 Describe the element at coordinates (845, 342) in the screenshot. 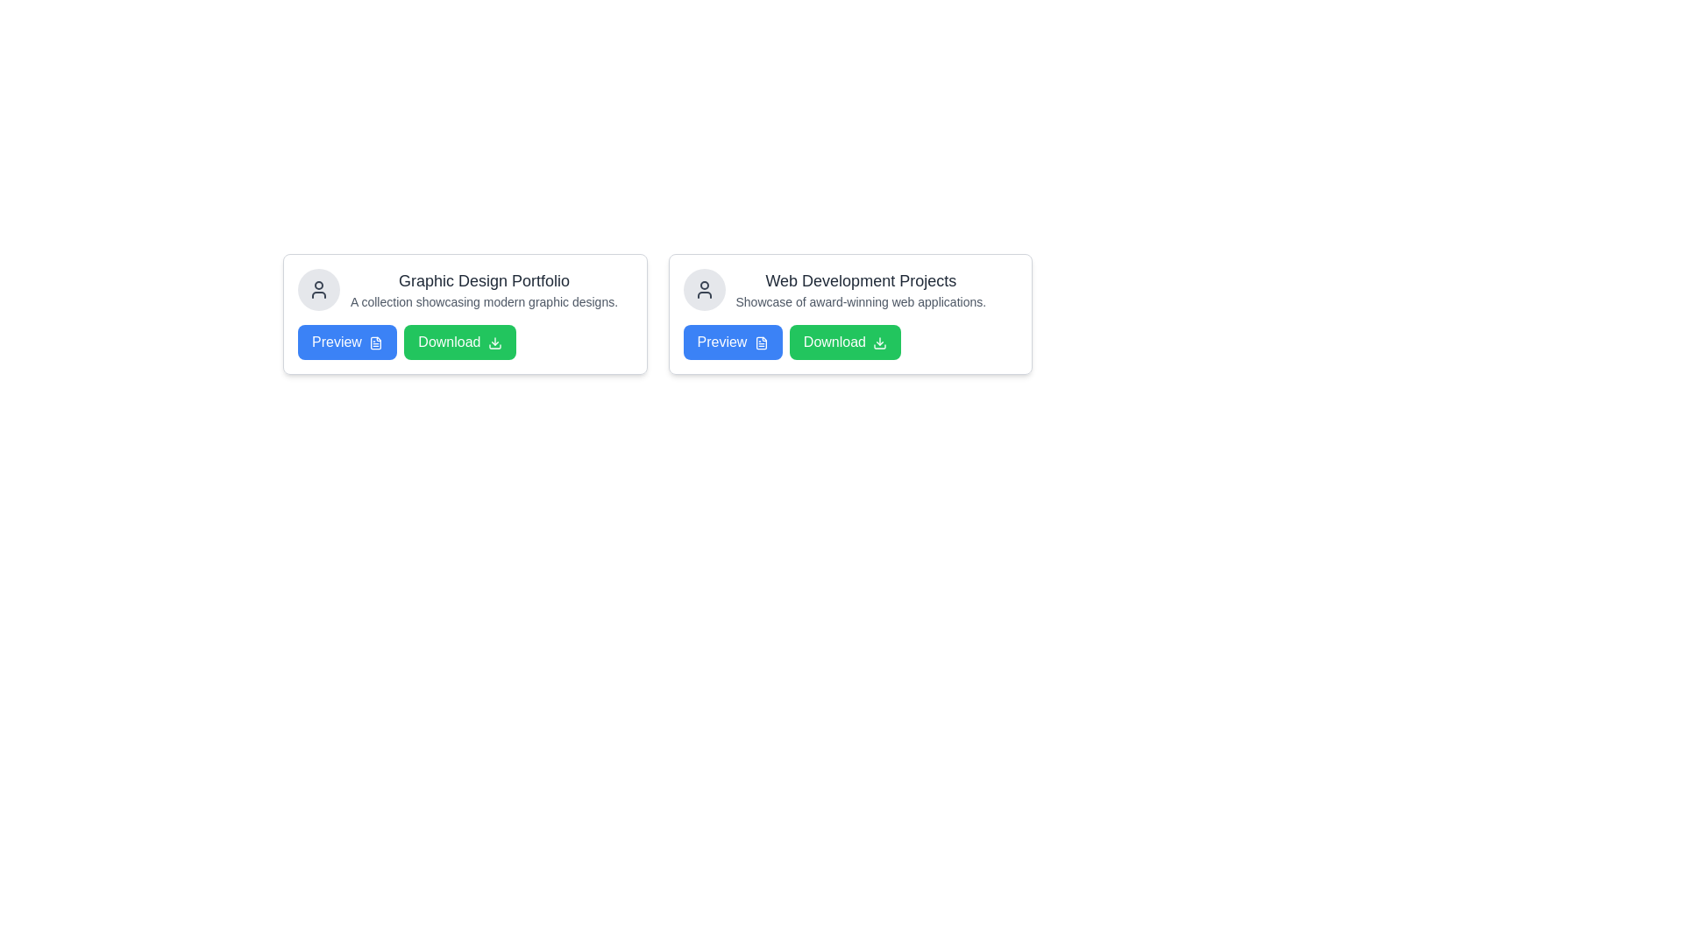

I see `the download button located to the right of the 'Preview' button in the second card group to initiate the download of content related to the 'Web Development Projects' card` at that location.